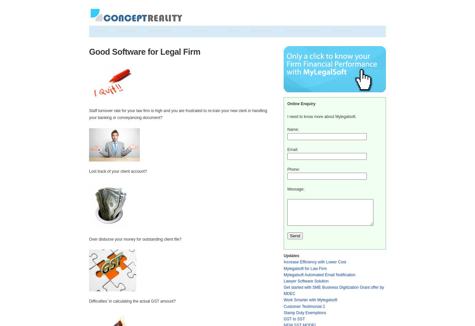 This screenshot has height=326, width=475. Describe the element at coordinates (291, 255) in the screenshot. I see `'Updates'` at that location.